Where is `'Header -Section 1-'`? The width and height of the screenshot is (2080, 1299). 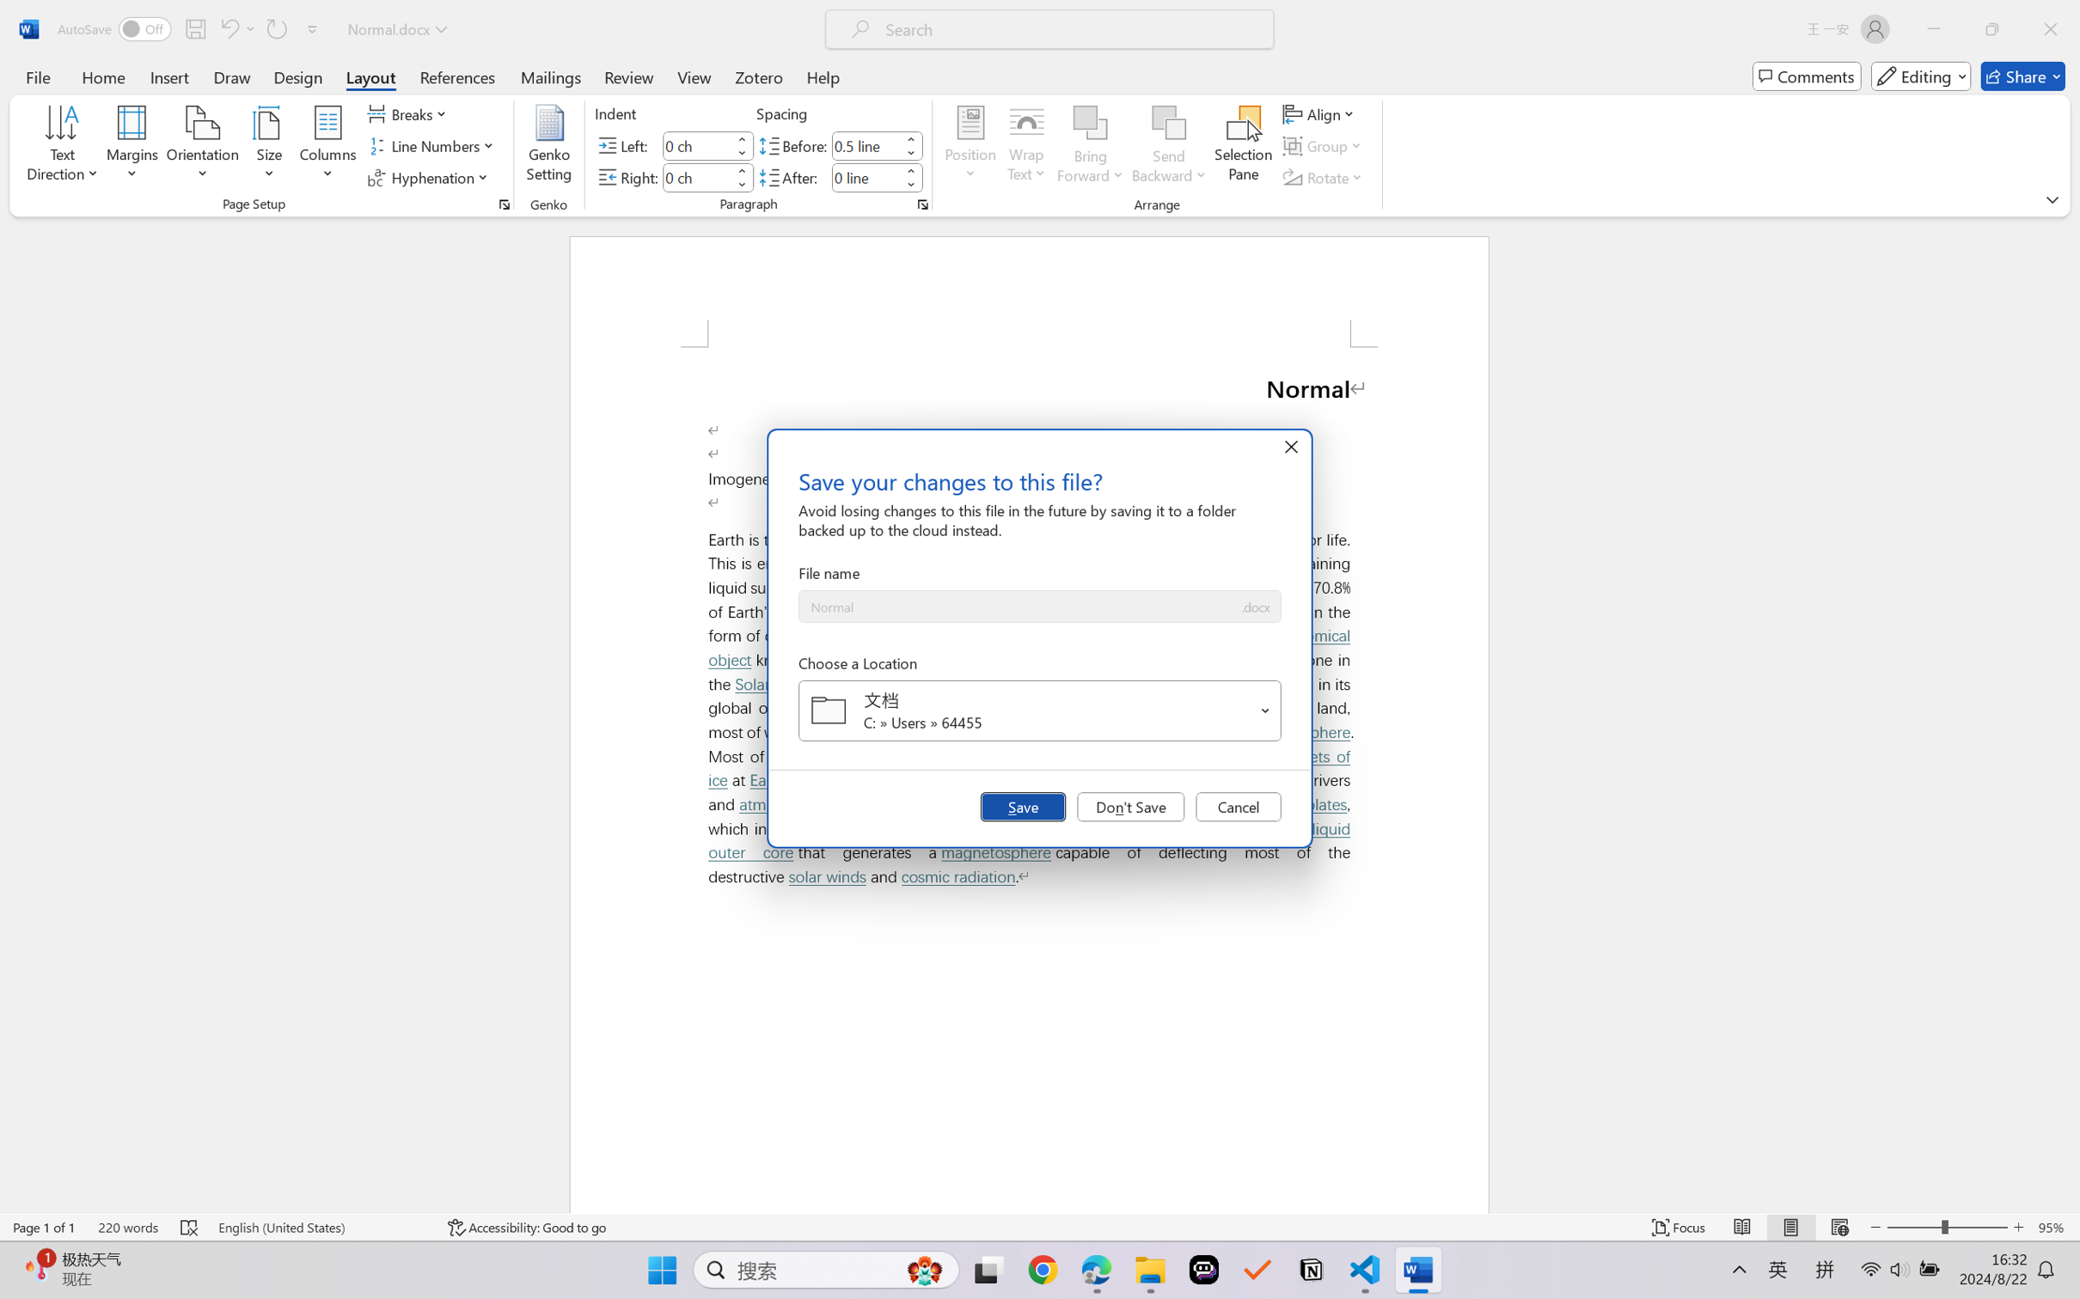 'Header -Section 1-' is located at coordinates (1029, 292).